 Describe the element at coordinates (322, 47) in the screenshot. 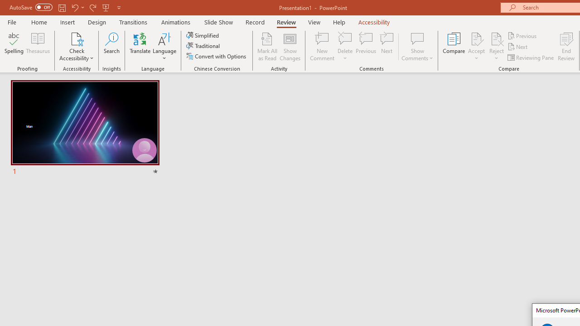

I see `'New Comment'` at that location.